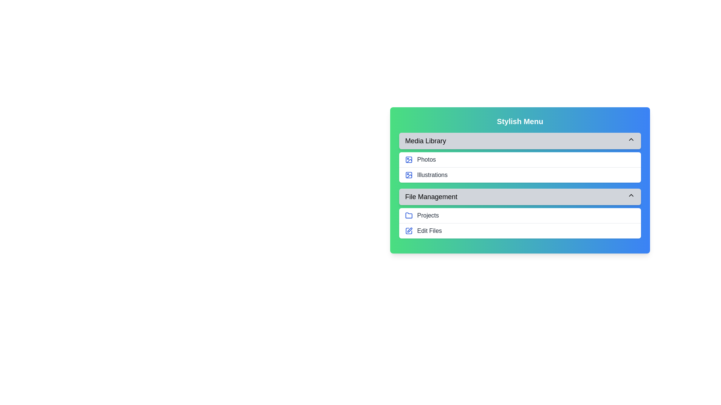 The image size is (721, 405). What do you see at coordinates (520, 159) in the screenshot?
I see `the 'Photos' menu item, which is the first item under the 'Media Library' section` at bounding box center [520, 159].